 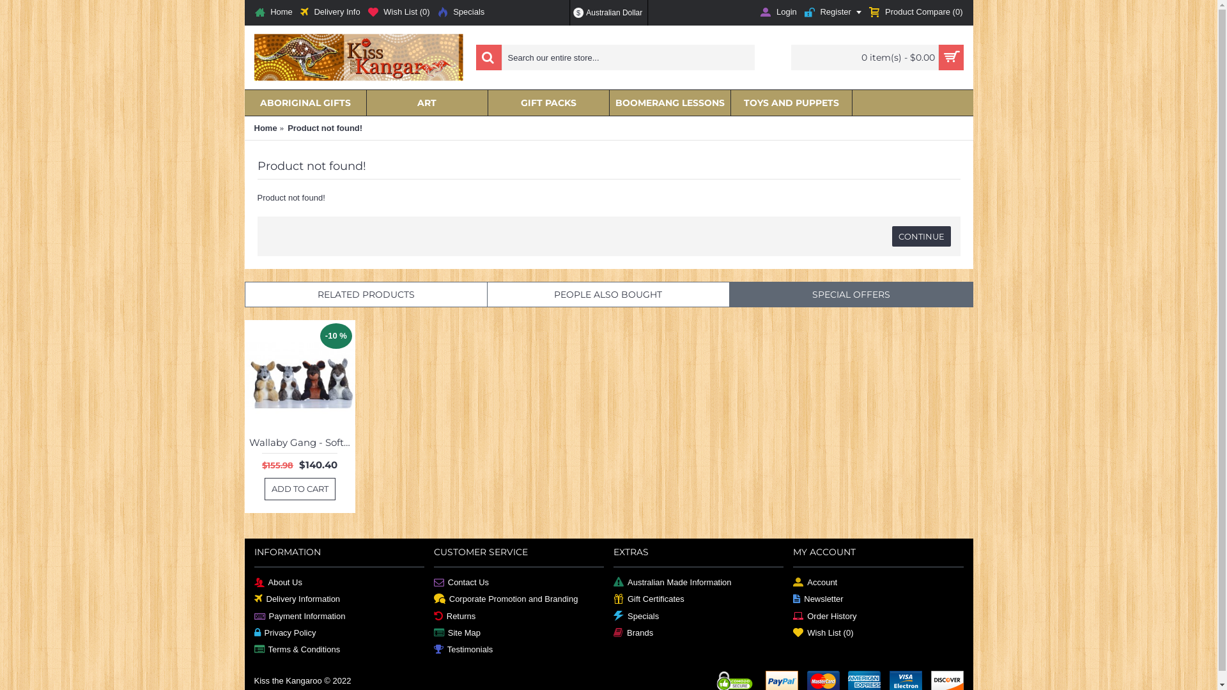 I want to click on 'Order History', so click(x=792, y=615).